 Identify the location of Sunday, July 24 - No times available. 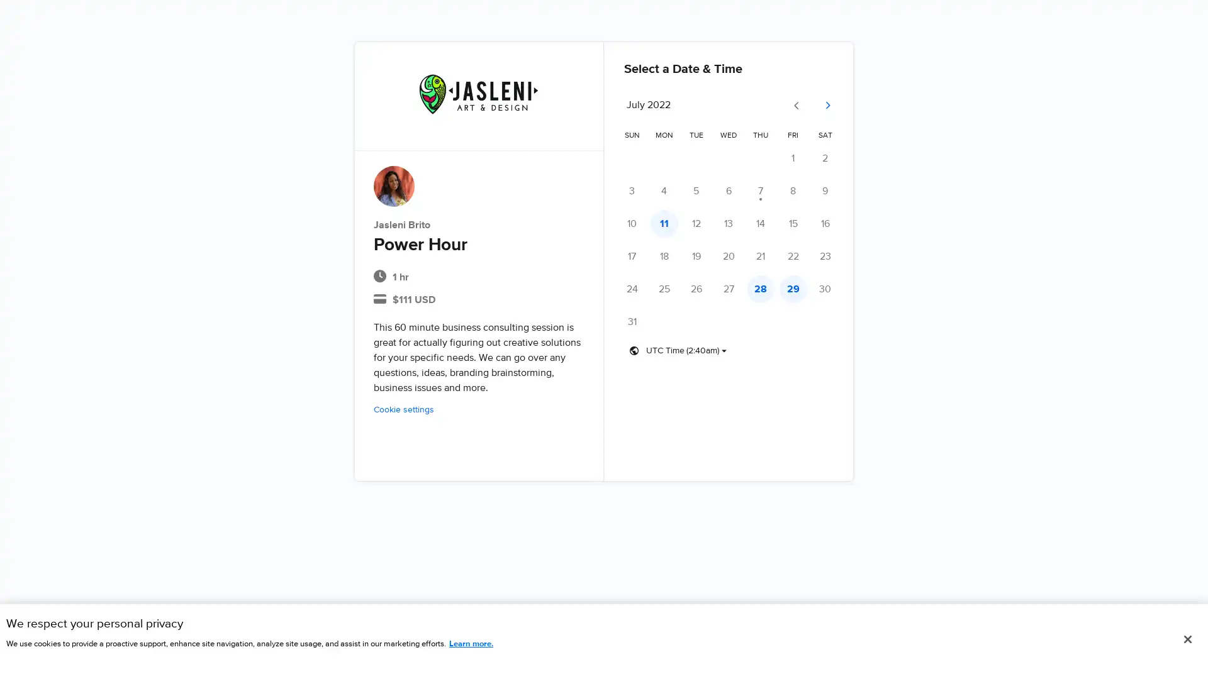
(631, 289).